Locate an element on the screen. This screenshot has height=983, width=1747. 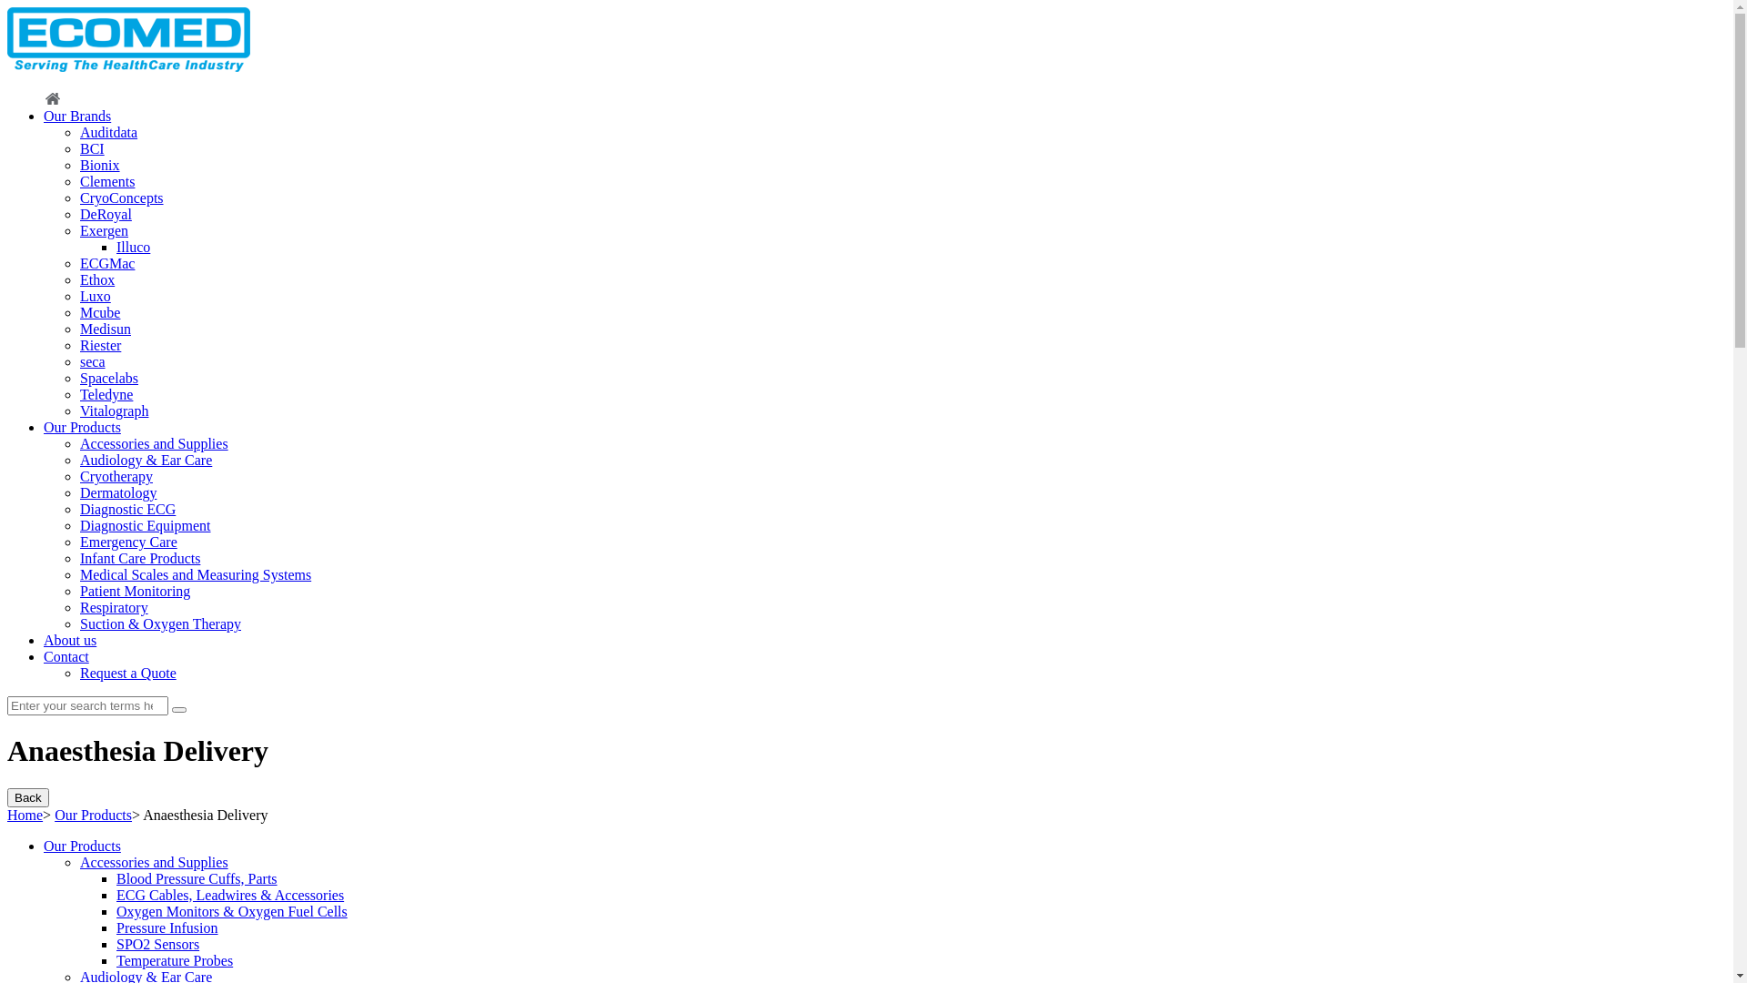
'Temperature Probes' is located at coordinates (175, 959).